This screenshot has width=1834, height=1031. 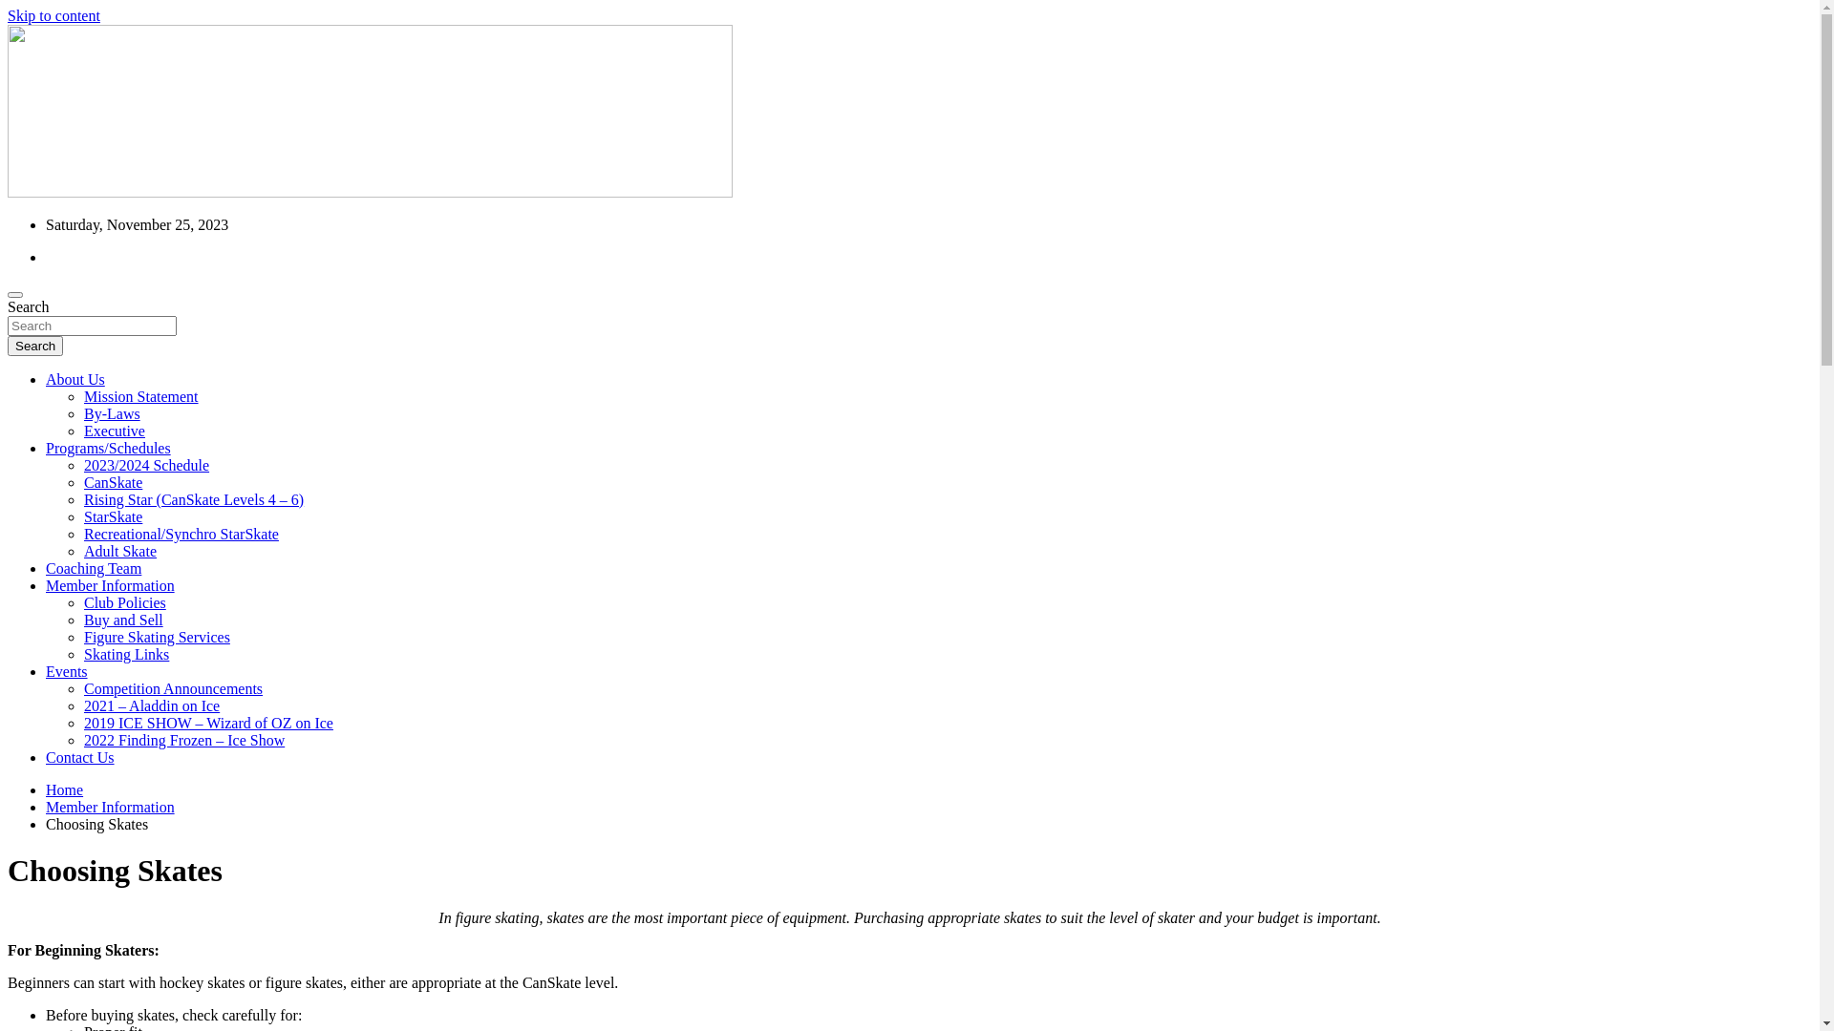 I want to click on 'By-Laws', so click(x=111, y=412).